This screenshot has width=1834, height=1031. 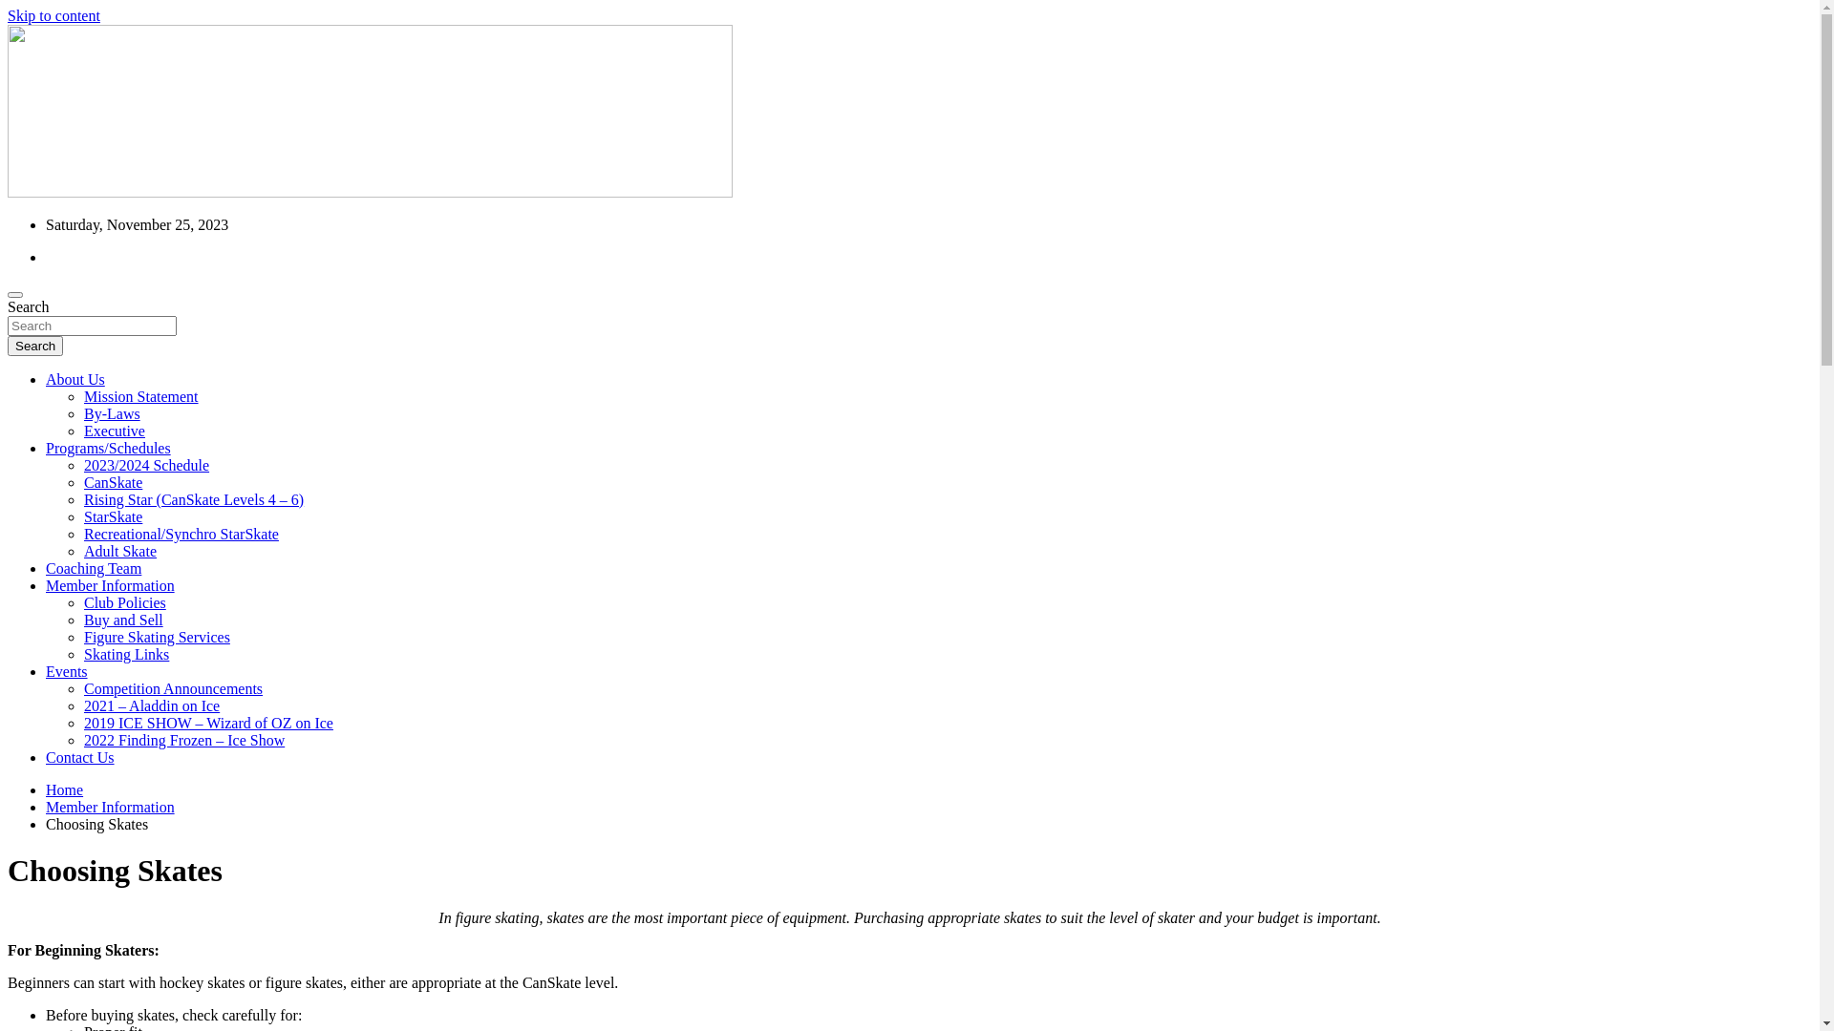 I want to click on 'By-Laws', so click(x=111, y=412).